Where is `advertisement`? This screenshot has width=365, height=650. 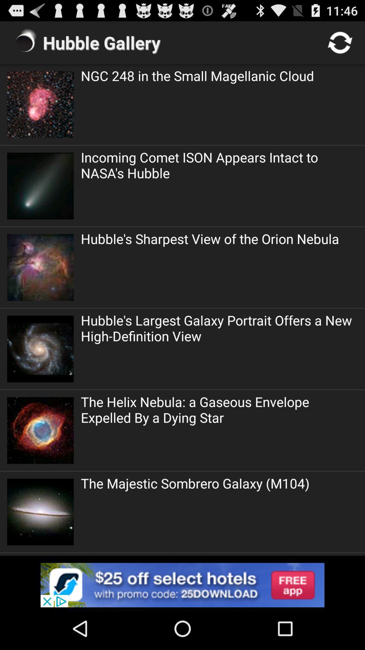 advertisement is located at coordinates (182, 585).